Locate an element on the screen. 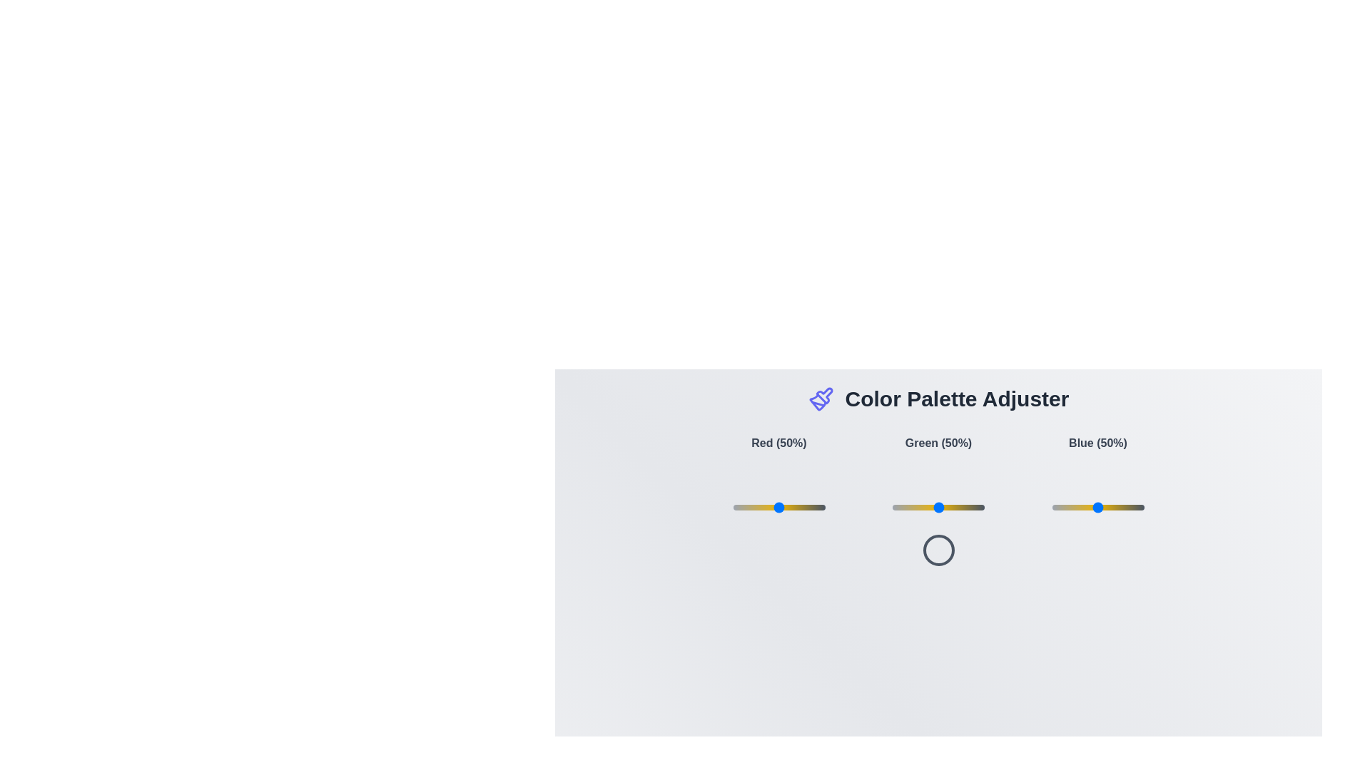 This screenshot has width=1370, height=770. the green slider to 62% is located at coordinates (949, 507).